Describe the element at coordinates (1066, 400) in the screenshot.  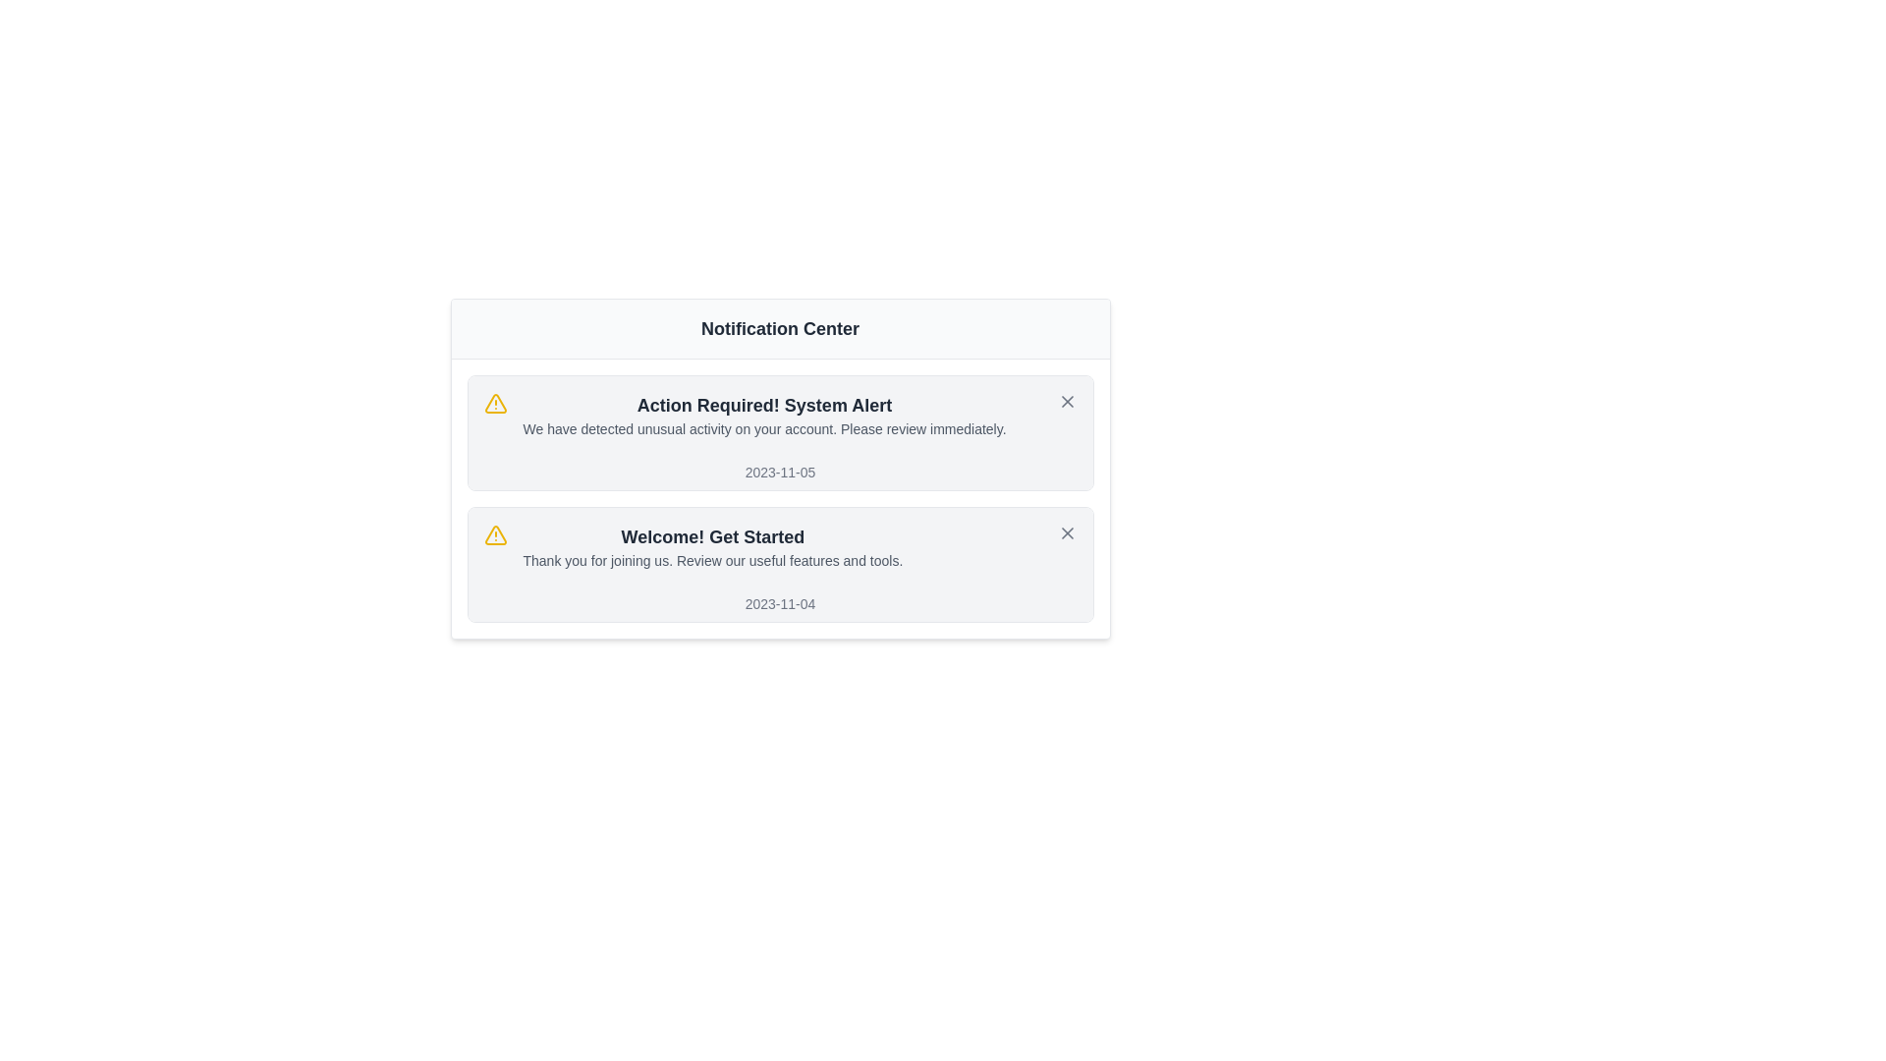
I see `the small diagonal cross ('X') icon located next to the notification entry in the notification center list` at that location.